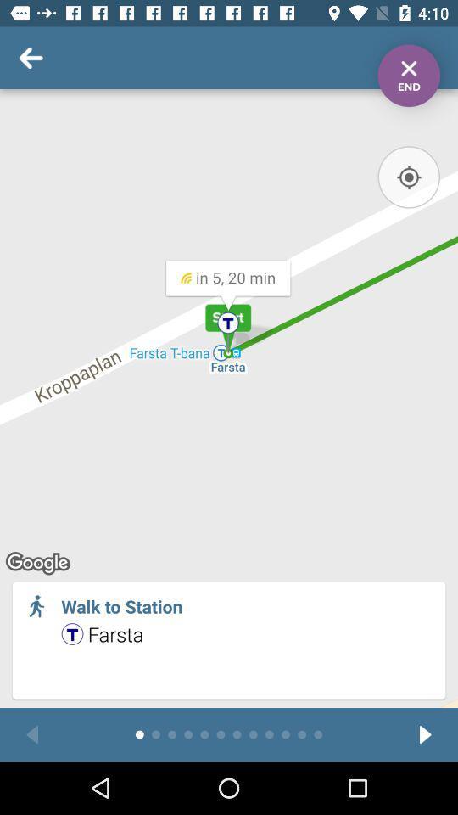 This screenshot has width=458, height=815. I want to click on its helps to go backward, so click(32, 733).